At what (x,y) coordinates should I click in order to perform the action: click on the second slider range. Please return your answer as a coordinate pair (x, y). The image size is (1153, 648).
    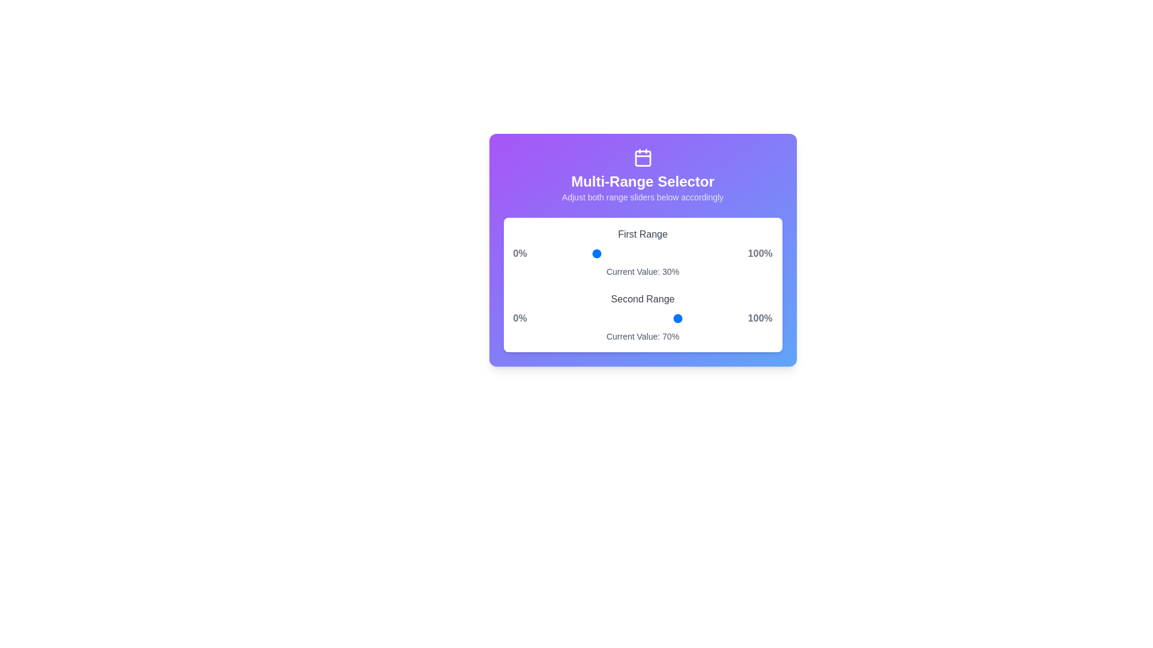
    Looking at the image, I should click on (664, 318).